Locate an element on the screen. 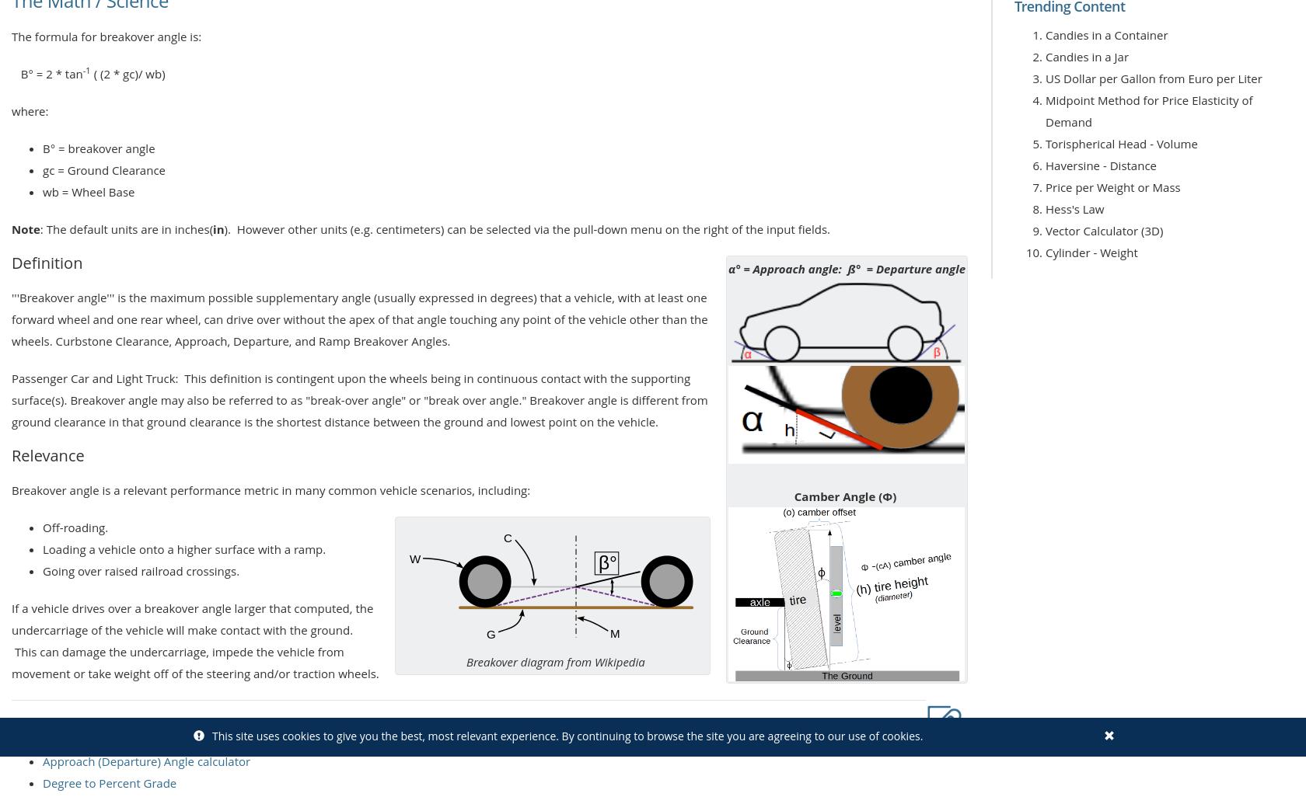  'Torispherical Head - Volume' is located at coordinates (1121, 142).